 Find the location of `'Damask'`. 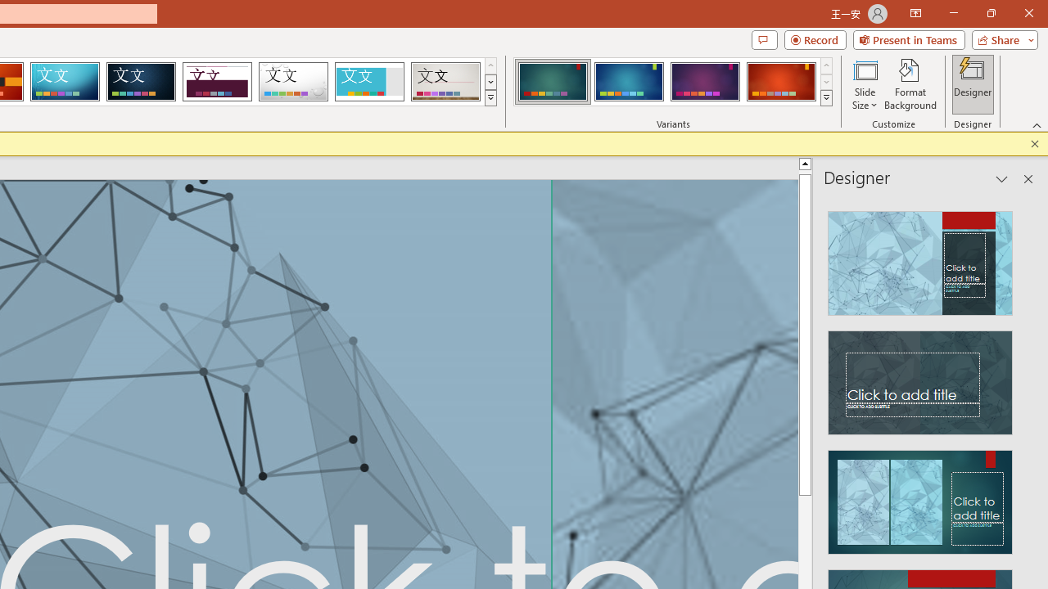

'Damask' is located at coordinates (141, 82).